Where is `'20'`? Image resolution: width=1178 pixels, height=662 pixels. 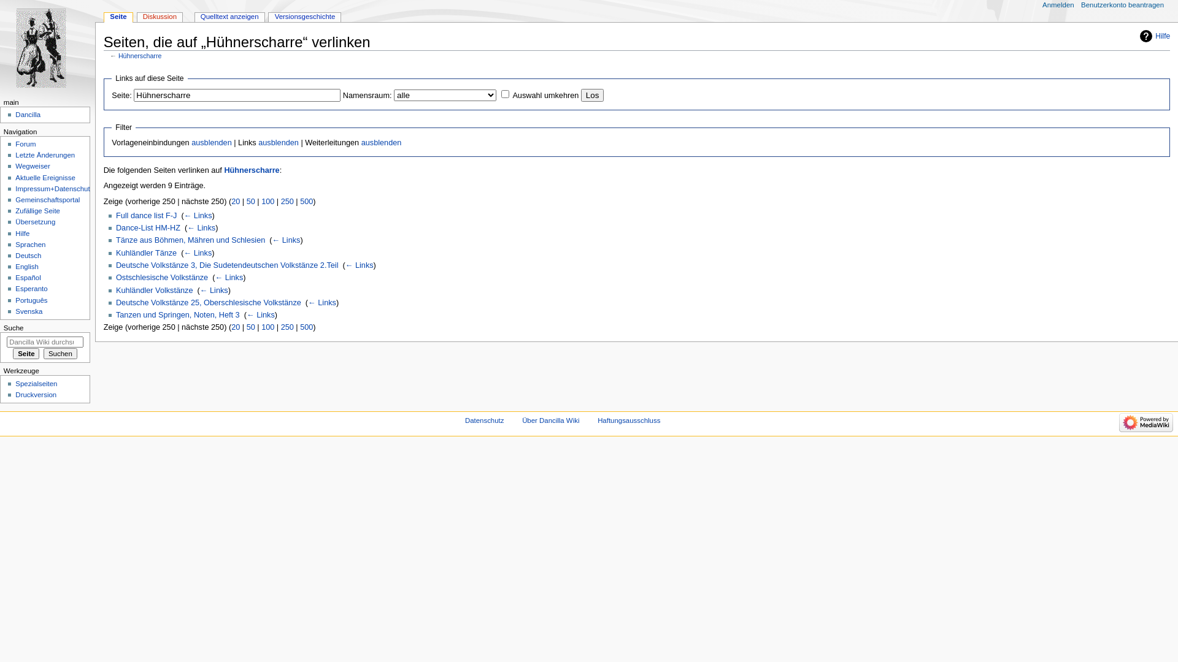
'20' is located at coordinates (236, 326).